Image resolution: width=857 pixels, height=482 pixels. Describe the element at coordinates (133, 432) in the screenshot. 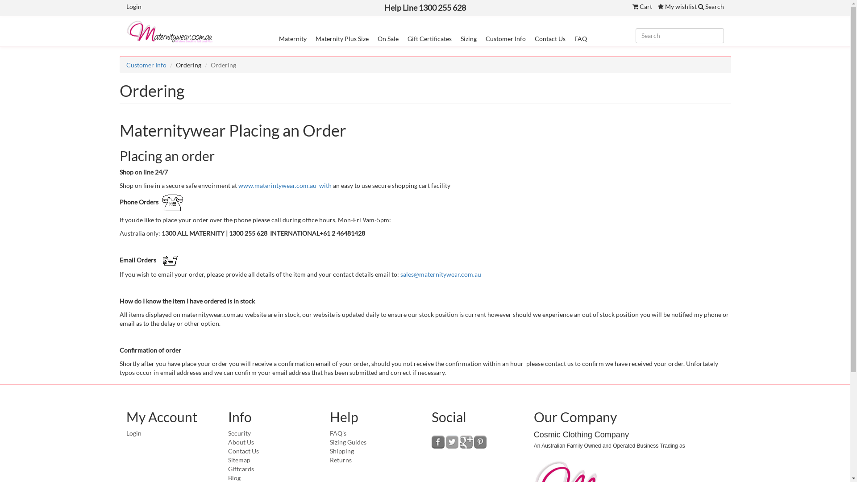

I see `'Login'` at that location.